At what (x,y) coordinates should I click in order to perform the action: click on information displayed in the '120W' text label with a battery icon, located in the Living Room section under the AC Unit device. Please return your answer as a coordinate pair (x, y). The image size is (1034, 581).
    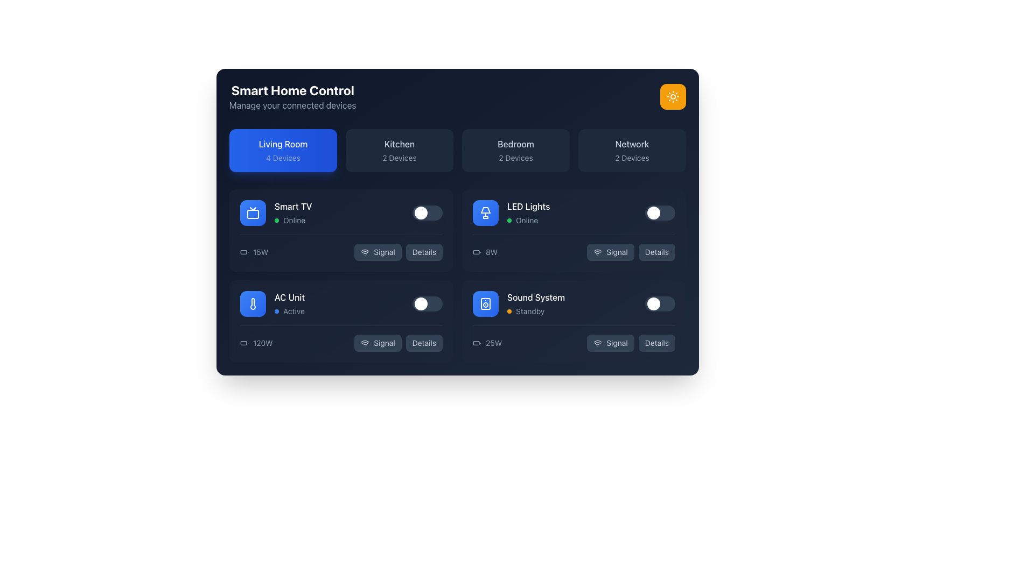
    Looking at the image, I should click on (256, 343).